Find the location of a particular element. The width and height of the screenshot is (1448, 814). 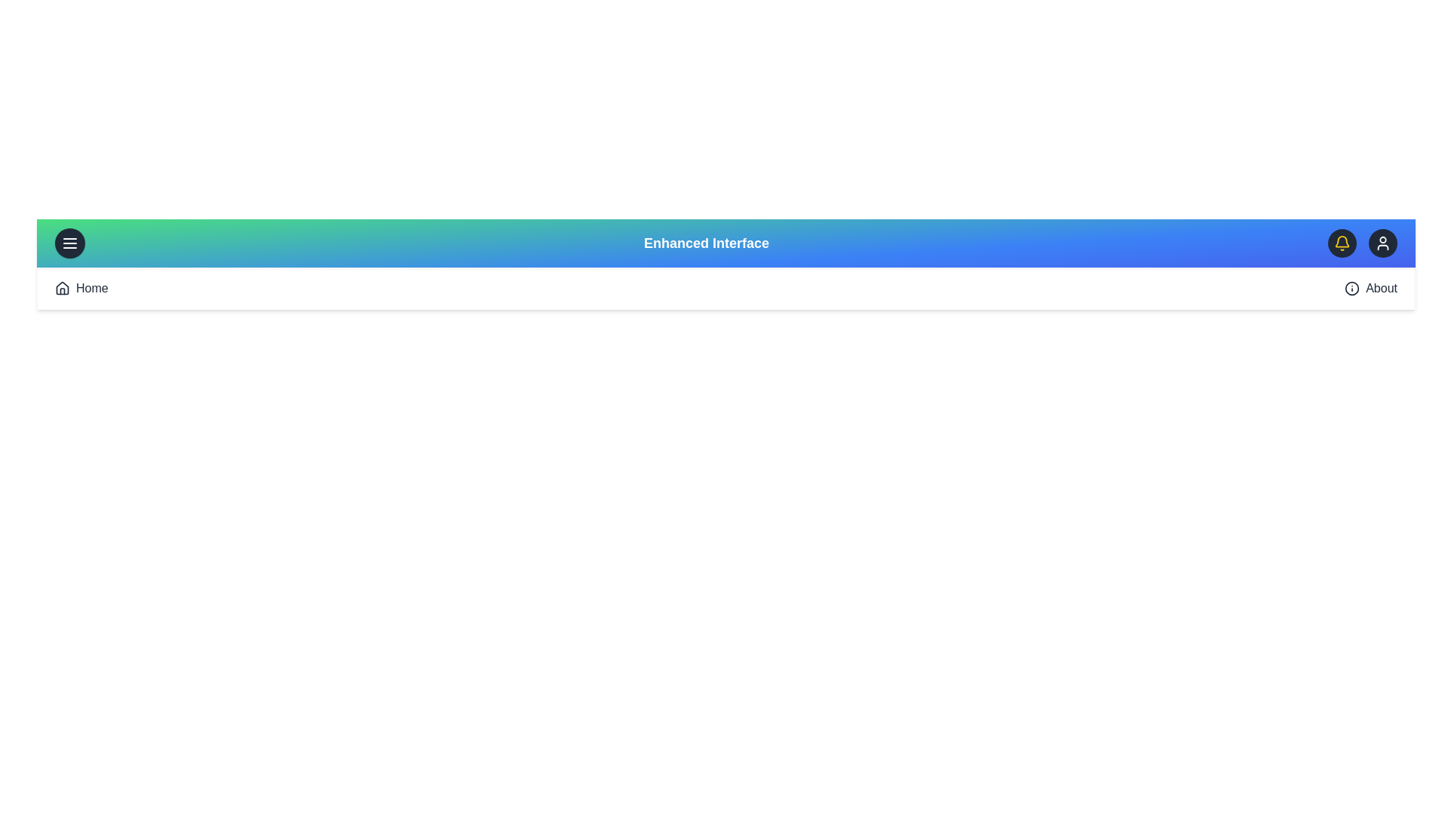

the user profile button located at the right end of the app bar is located at coordinates (1382, 243).